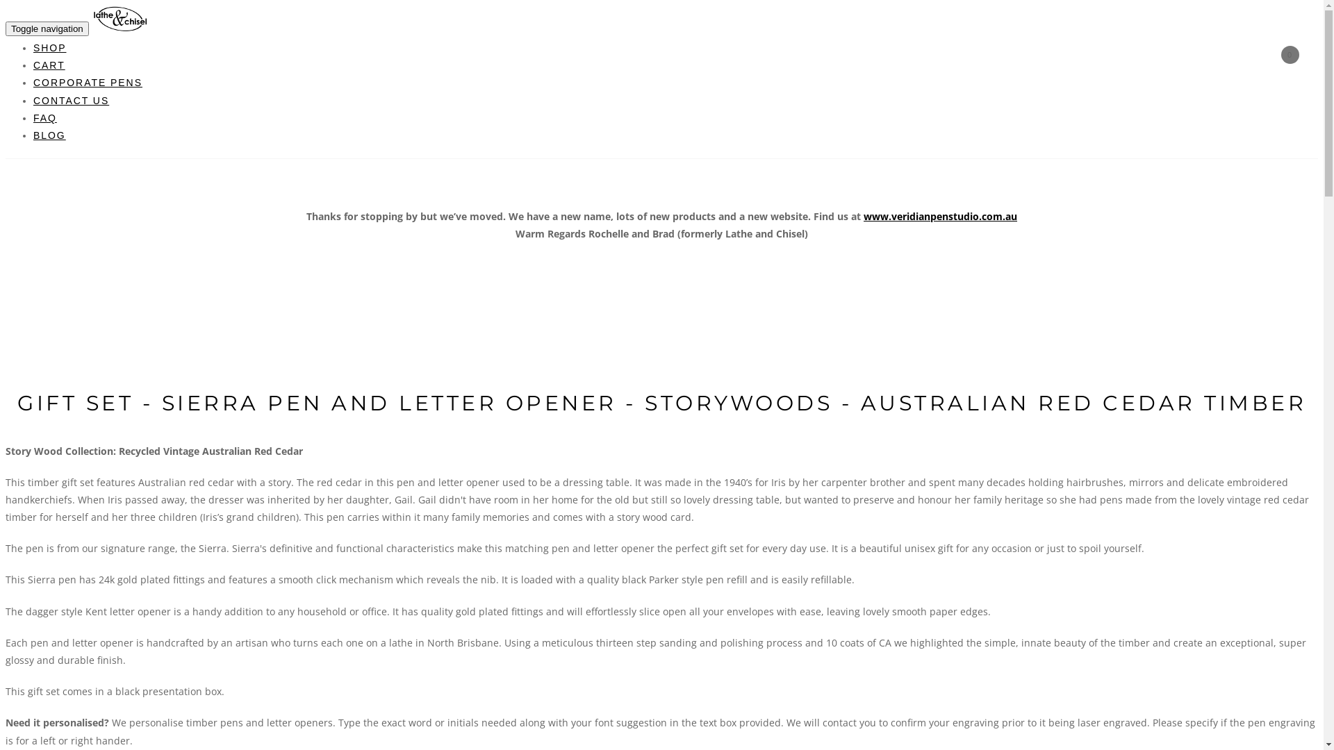  Describe the element at coordinates (49, 65) in the screenshot. I see `'CART'` at that location.